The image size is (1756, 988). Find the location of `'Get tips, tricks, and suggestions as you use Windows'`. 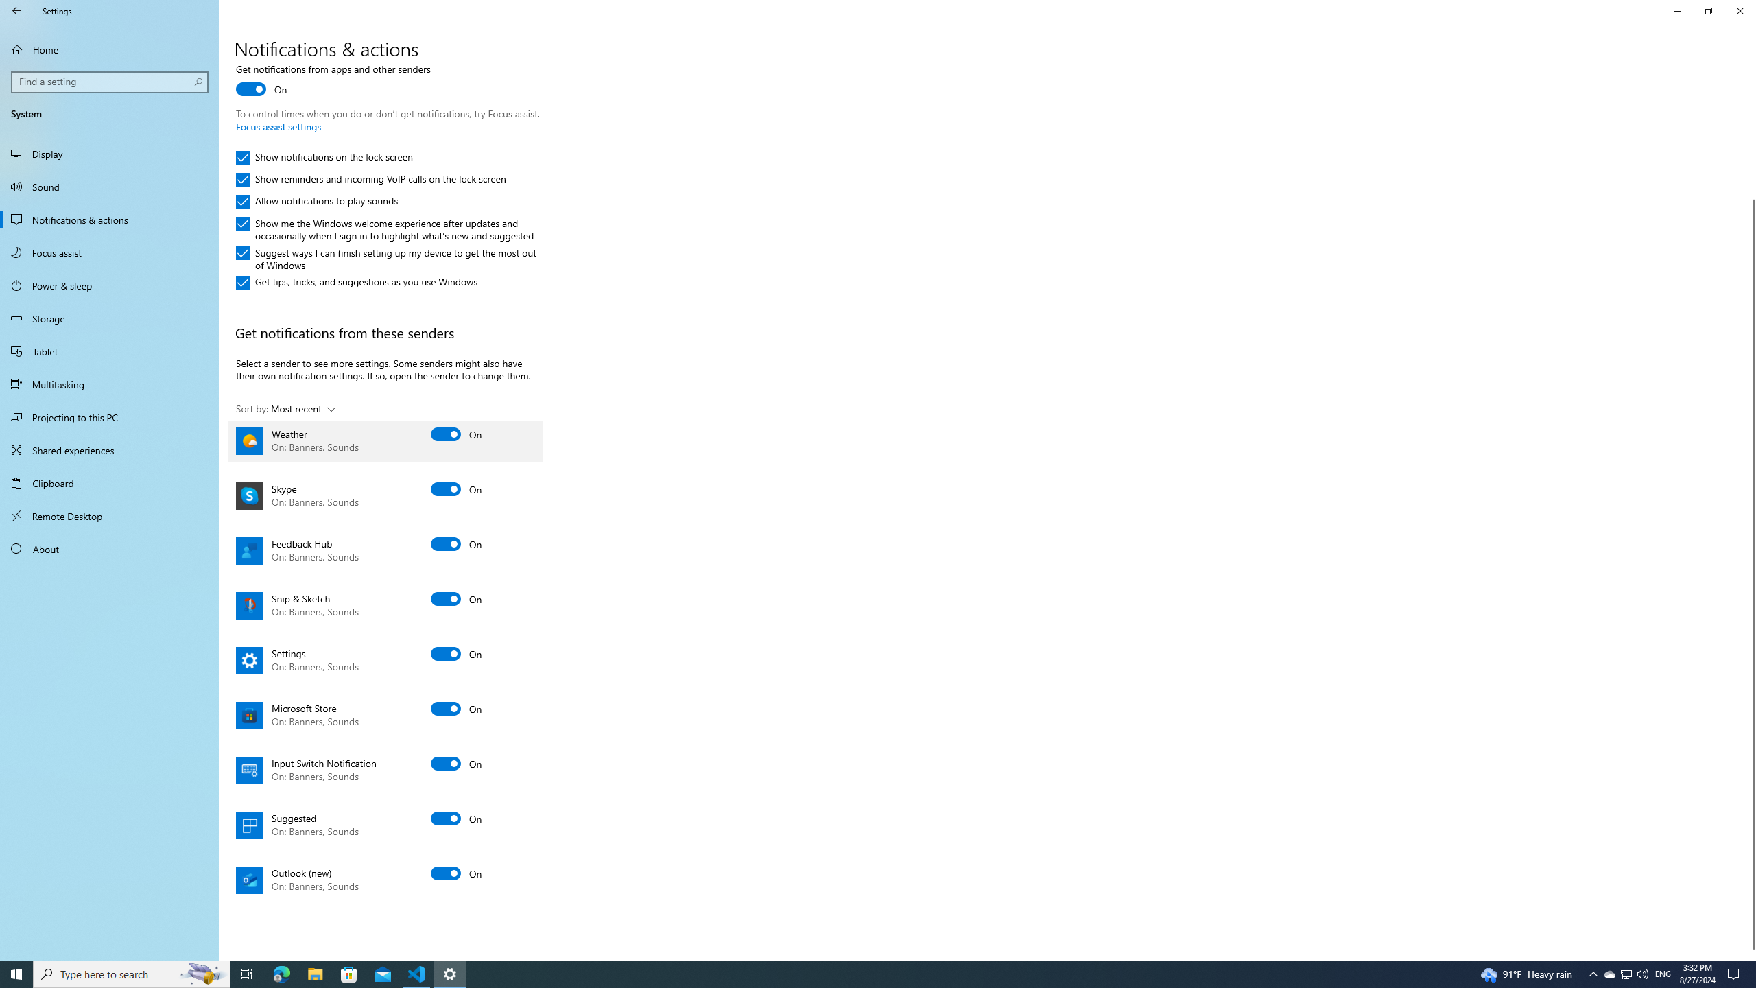

'Get tips, tricks, and suggestions as you use Windows' is located at coordinates (355, 281).